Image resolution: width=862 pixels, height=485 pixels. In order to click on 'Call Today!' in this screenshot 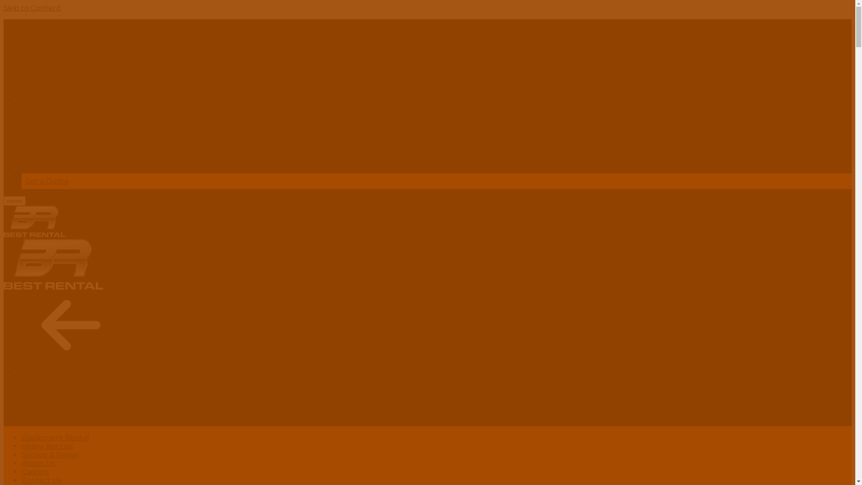, I will do `click(40, 23)`.